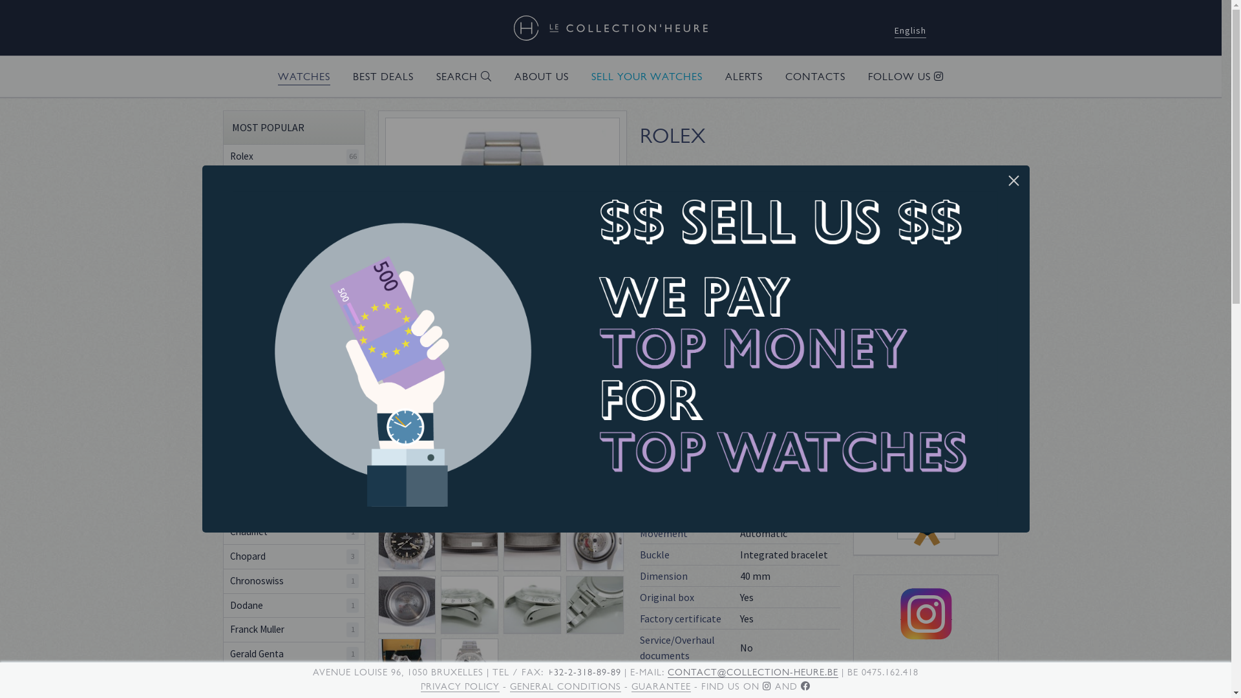  What do you see at coordinates (223, 580) in the screenshot?
I see `'Chronoswiss` at bounding box center [223, 580].